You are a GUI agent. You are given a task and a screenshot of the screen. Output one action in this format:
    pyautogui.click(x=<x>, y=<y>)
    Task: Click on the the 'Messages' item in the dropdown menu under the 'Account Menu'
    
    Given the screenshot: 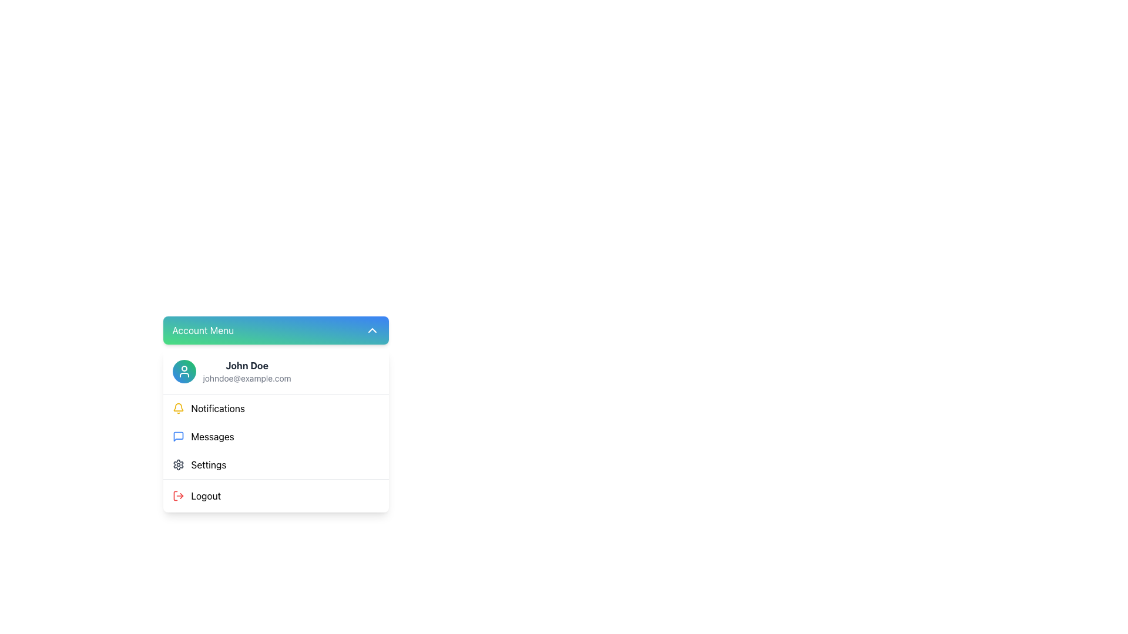 What is the action you would take?
    pyautogui.click(x=275, y=437)
    